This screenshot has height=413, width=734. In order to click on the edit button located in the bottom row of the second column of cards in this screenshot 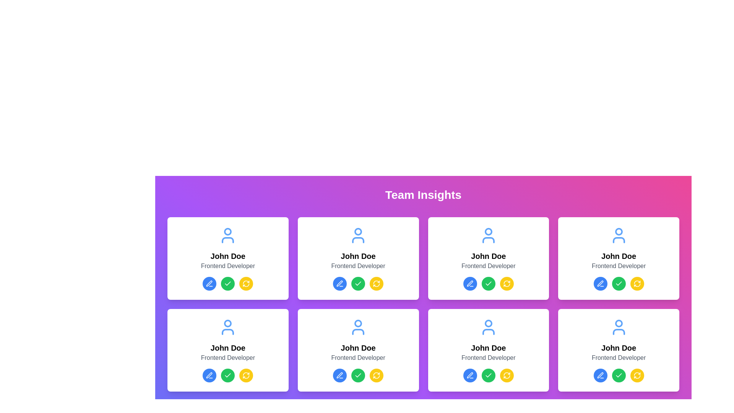, I will do `click(600, 375)`.